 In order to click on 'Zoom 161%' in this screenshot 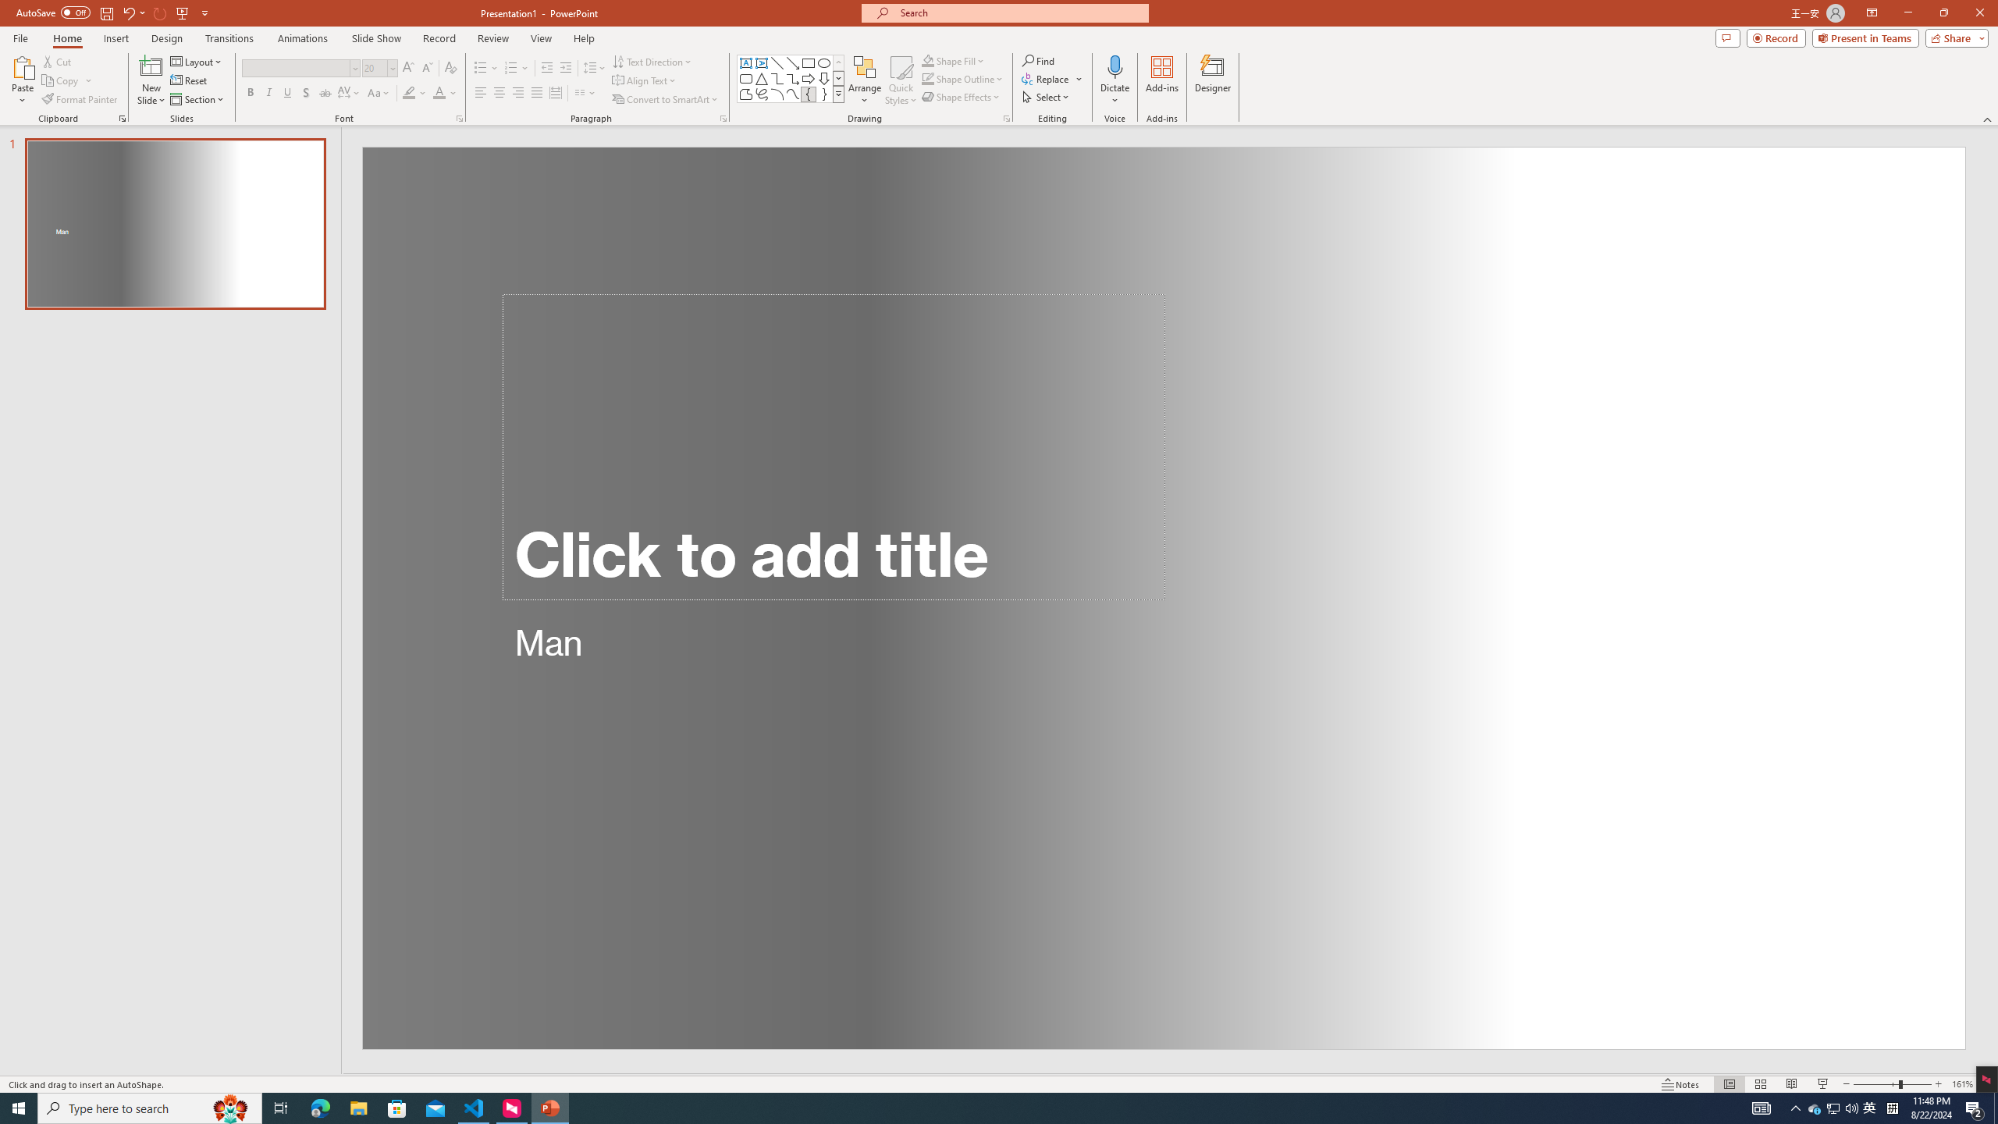, I will do `click(1963, 1084)`.